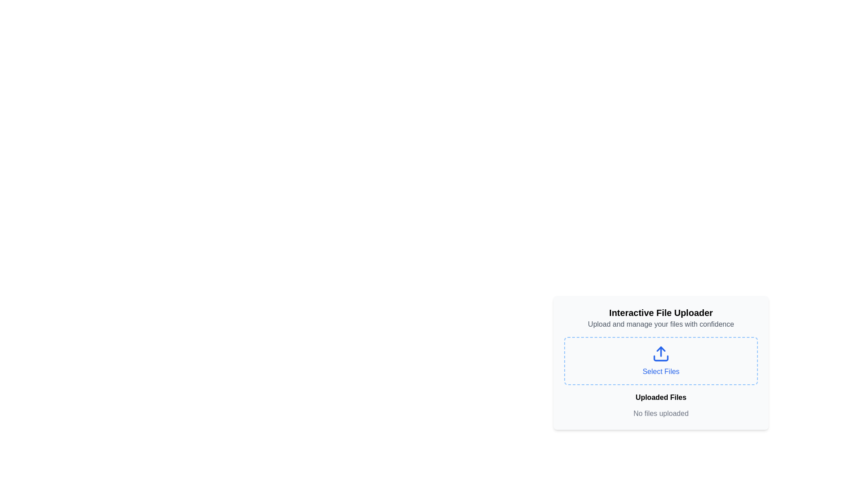  I want to click on the 'Select Files' text label to initiate the file selection workflow, which opens the file explorer for uploading files, so click(661, 371).